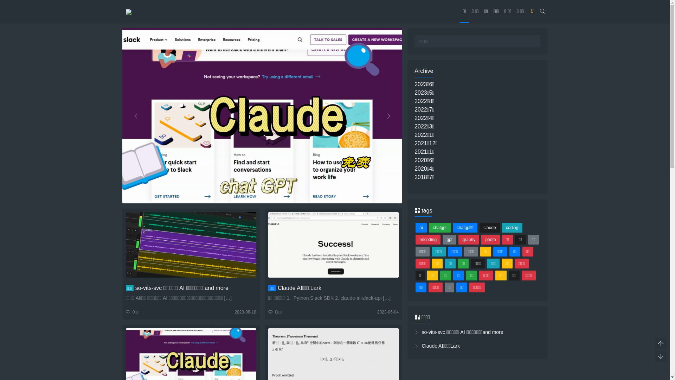 This screenshot has width=675, height=380. Describe the element at coordinates (421, 228) in the screenshot. I see `'ai'` at that location.